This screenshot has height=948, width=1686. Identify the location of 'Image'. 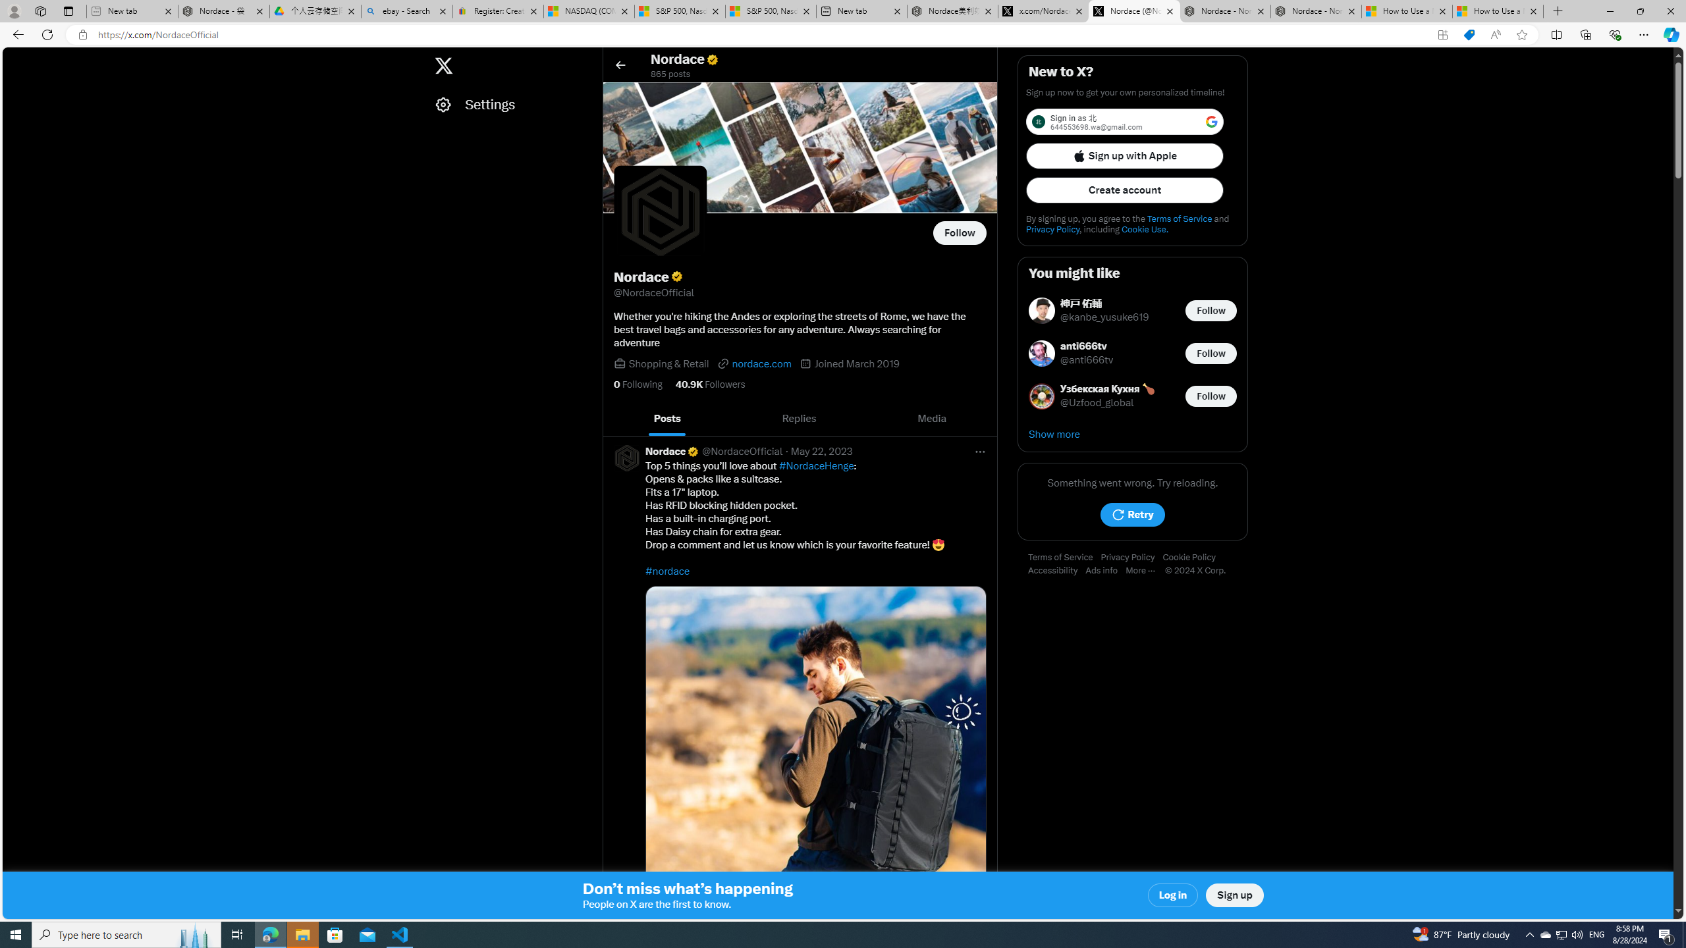
(816, 756).